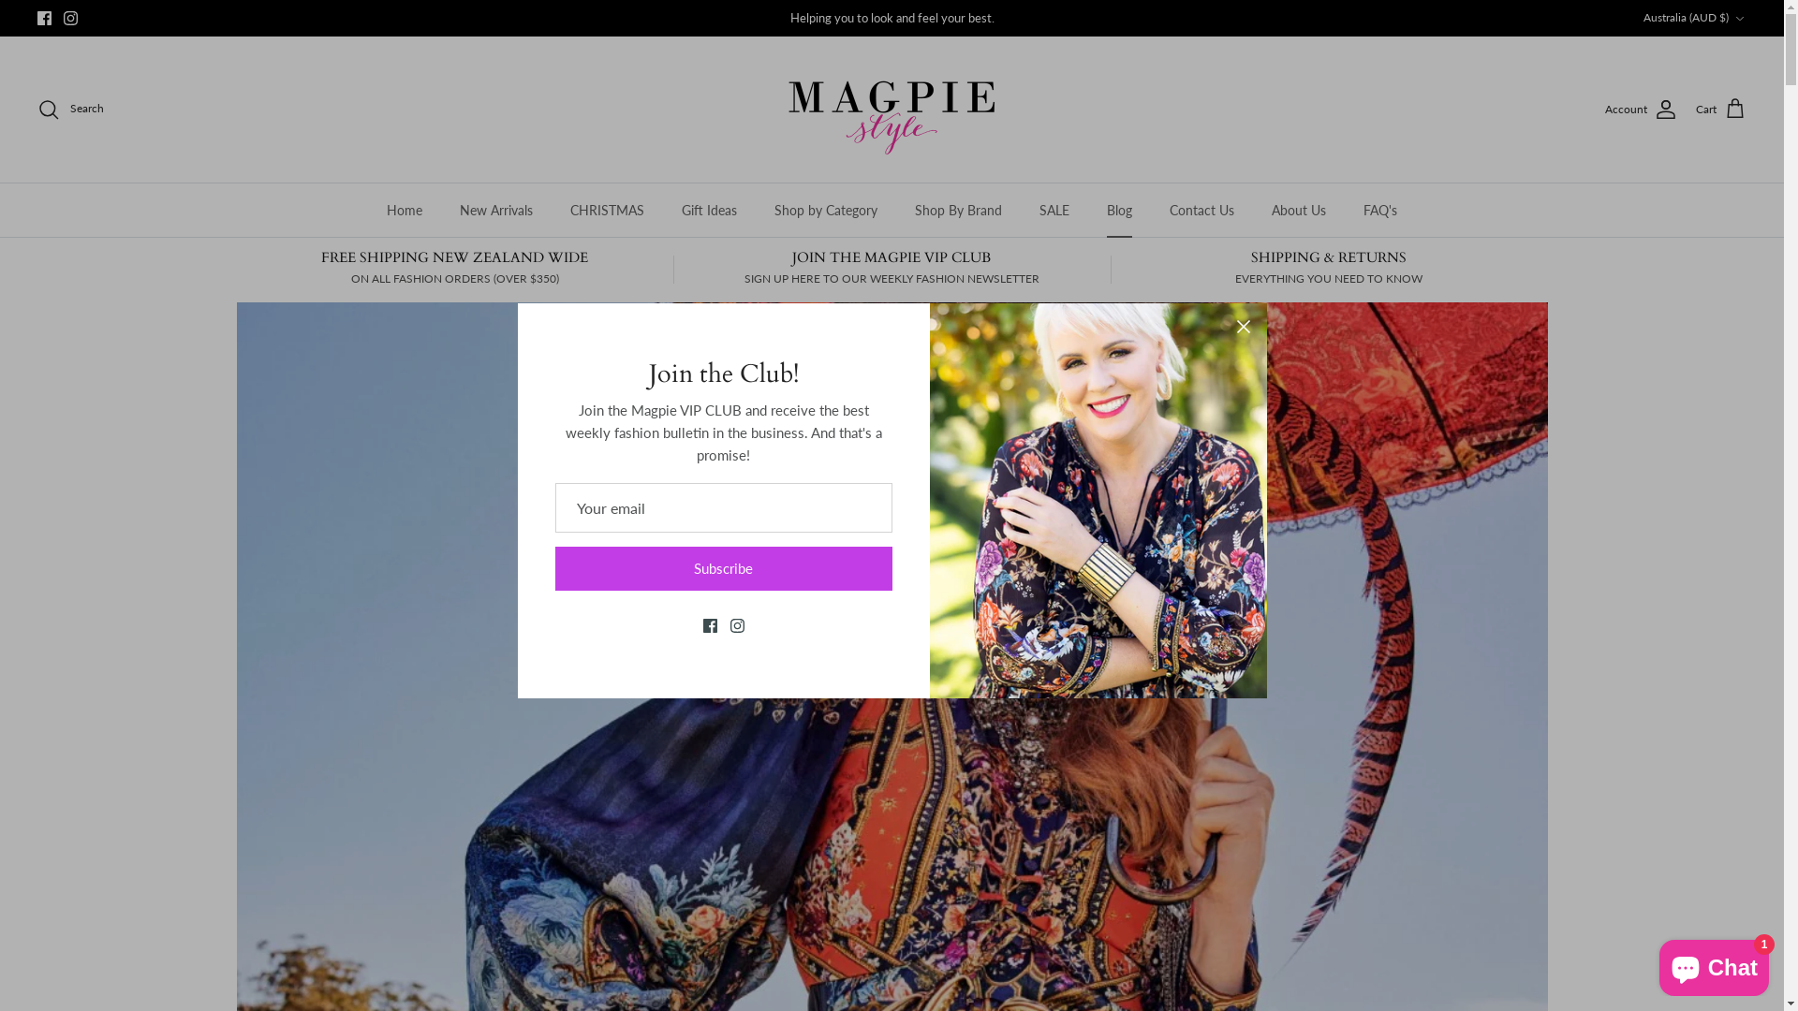 The image size is (1798, 1011). I want to click on 'Subscribe', so click(722, 567).